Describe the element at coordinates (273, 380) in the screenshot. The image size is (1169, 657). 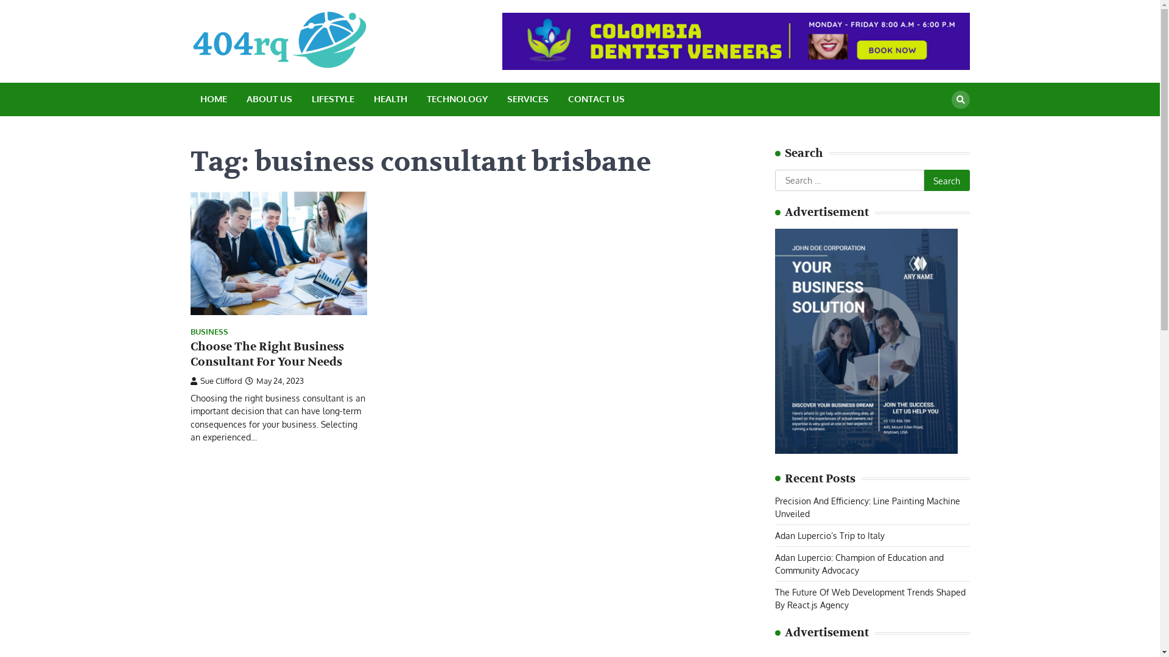
I see `'May 24, 2023'` at that location.